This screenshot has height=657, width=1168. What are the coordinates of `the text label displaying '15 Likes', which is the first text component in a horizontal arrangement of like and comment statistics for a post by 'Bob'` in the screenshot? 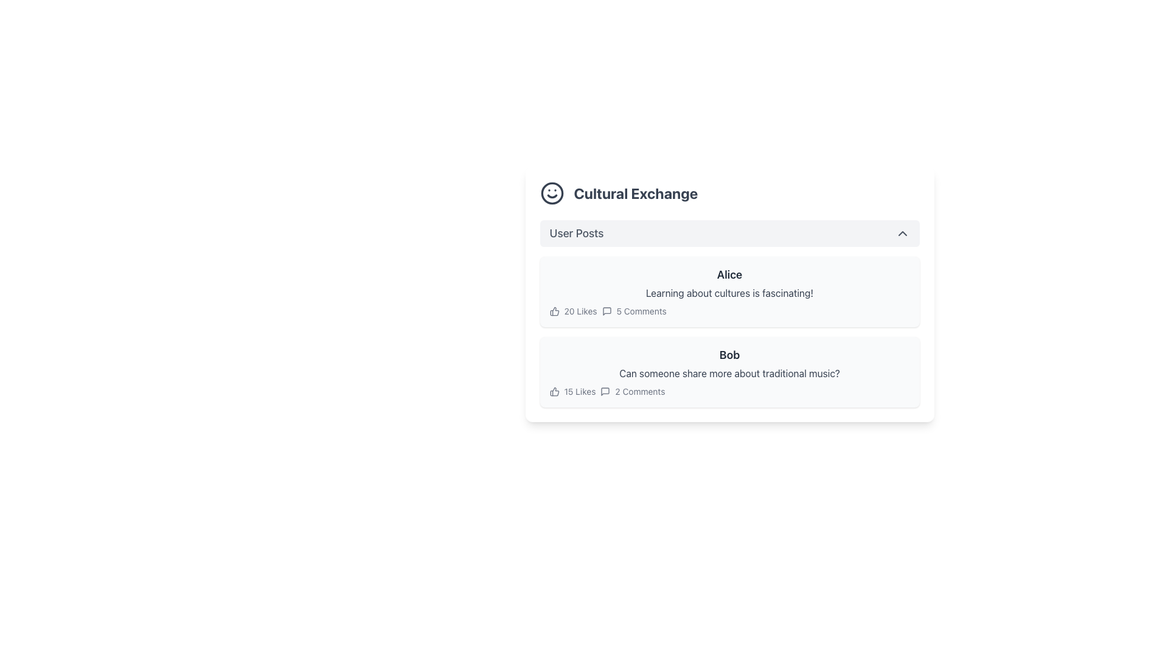 It's located at (579, 392).